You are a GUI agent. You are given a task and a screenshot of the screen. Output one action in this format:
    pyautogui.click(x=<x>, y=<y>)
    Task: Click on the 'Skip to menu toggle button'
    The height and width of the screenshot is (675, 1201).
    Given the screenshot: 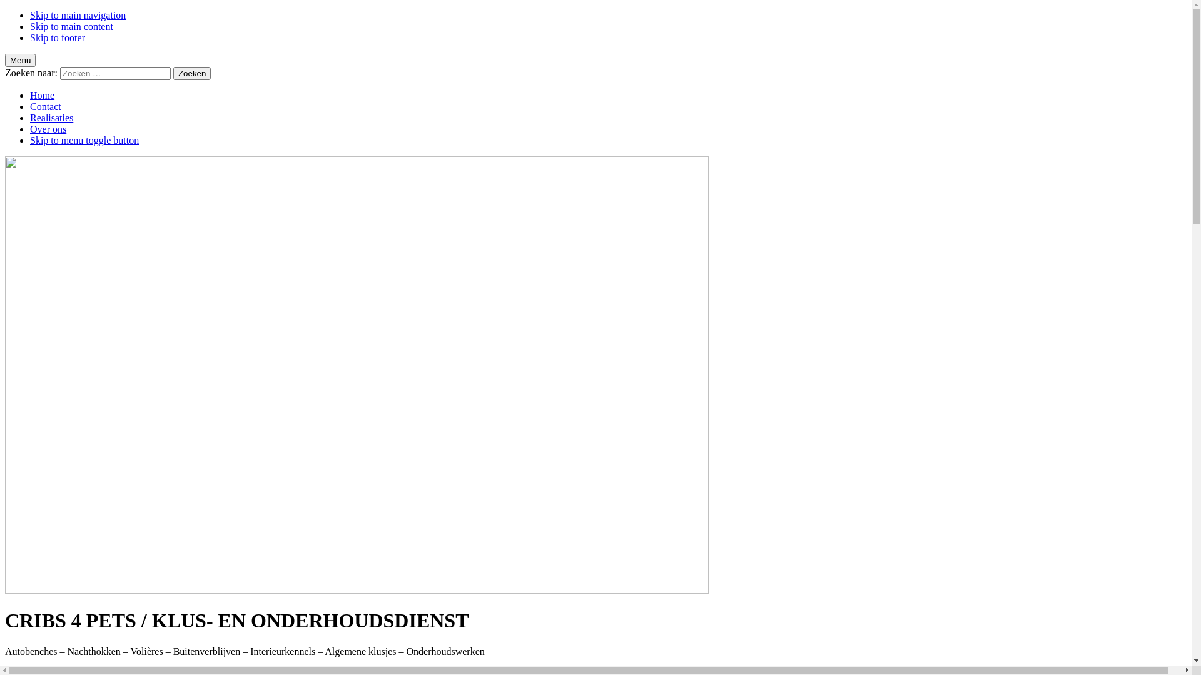 What is the action you would take?
    pyautogui.click(x=83, y=140)
    